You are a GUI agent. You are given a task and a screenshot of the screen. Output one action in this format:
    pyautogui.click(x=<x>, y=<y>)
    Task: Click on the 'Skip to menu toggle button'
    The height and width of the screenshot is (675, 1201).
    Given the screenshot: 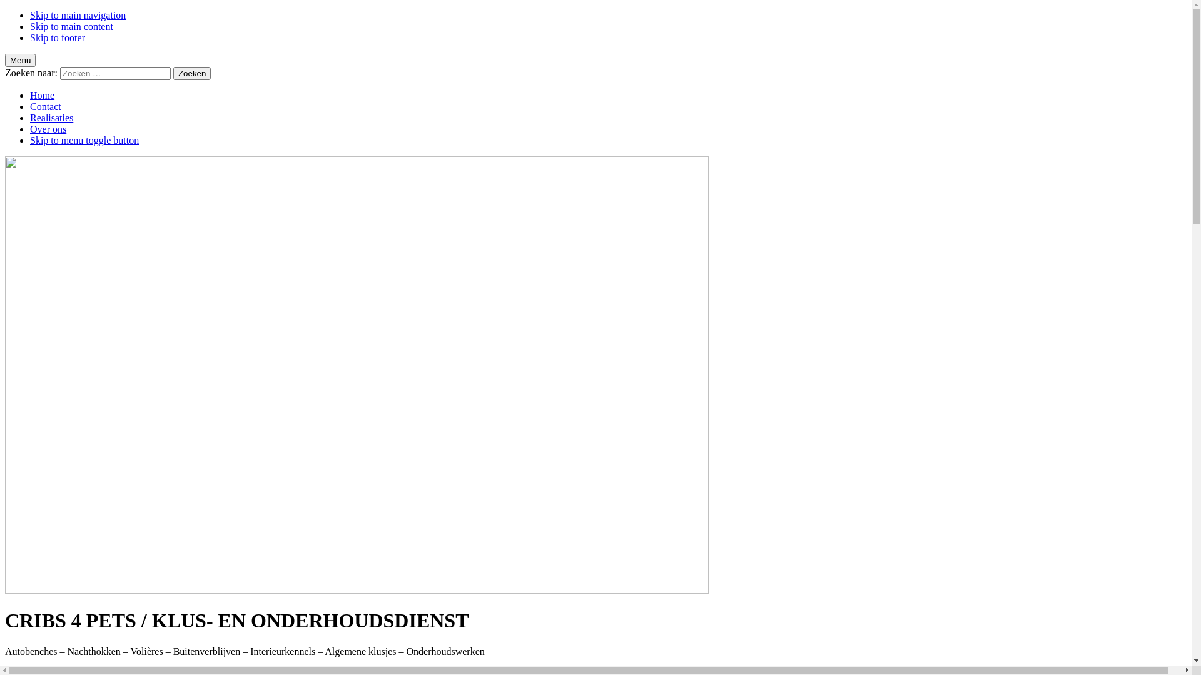 What is the action you would take?
    pyautogui.click(x=83, y=140)
    